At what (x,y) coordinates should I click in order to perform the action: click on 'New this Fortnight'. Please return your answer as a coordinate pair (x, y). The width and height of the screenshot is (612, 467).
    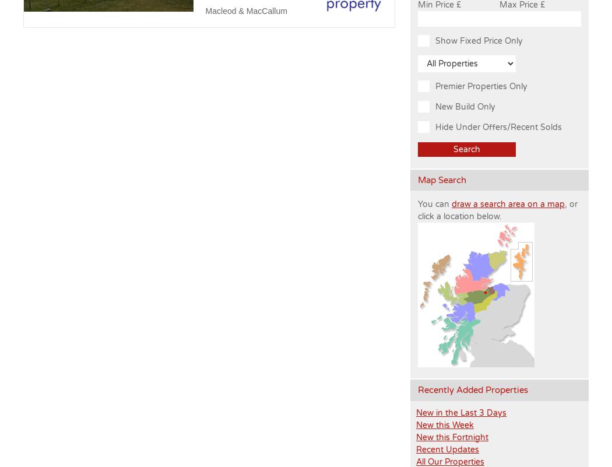
    Looking at the image, I should click on (452, 437).